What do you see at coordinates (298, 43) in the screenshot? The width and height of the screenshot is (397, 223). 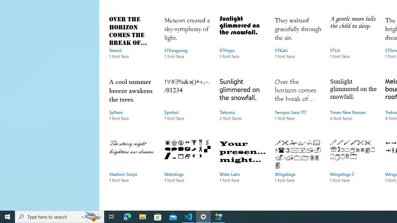 I see `'STKaiti, 1 font face'` at bounding box center [298, 43].